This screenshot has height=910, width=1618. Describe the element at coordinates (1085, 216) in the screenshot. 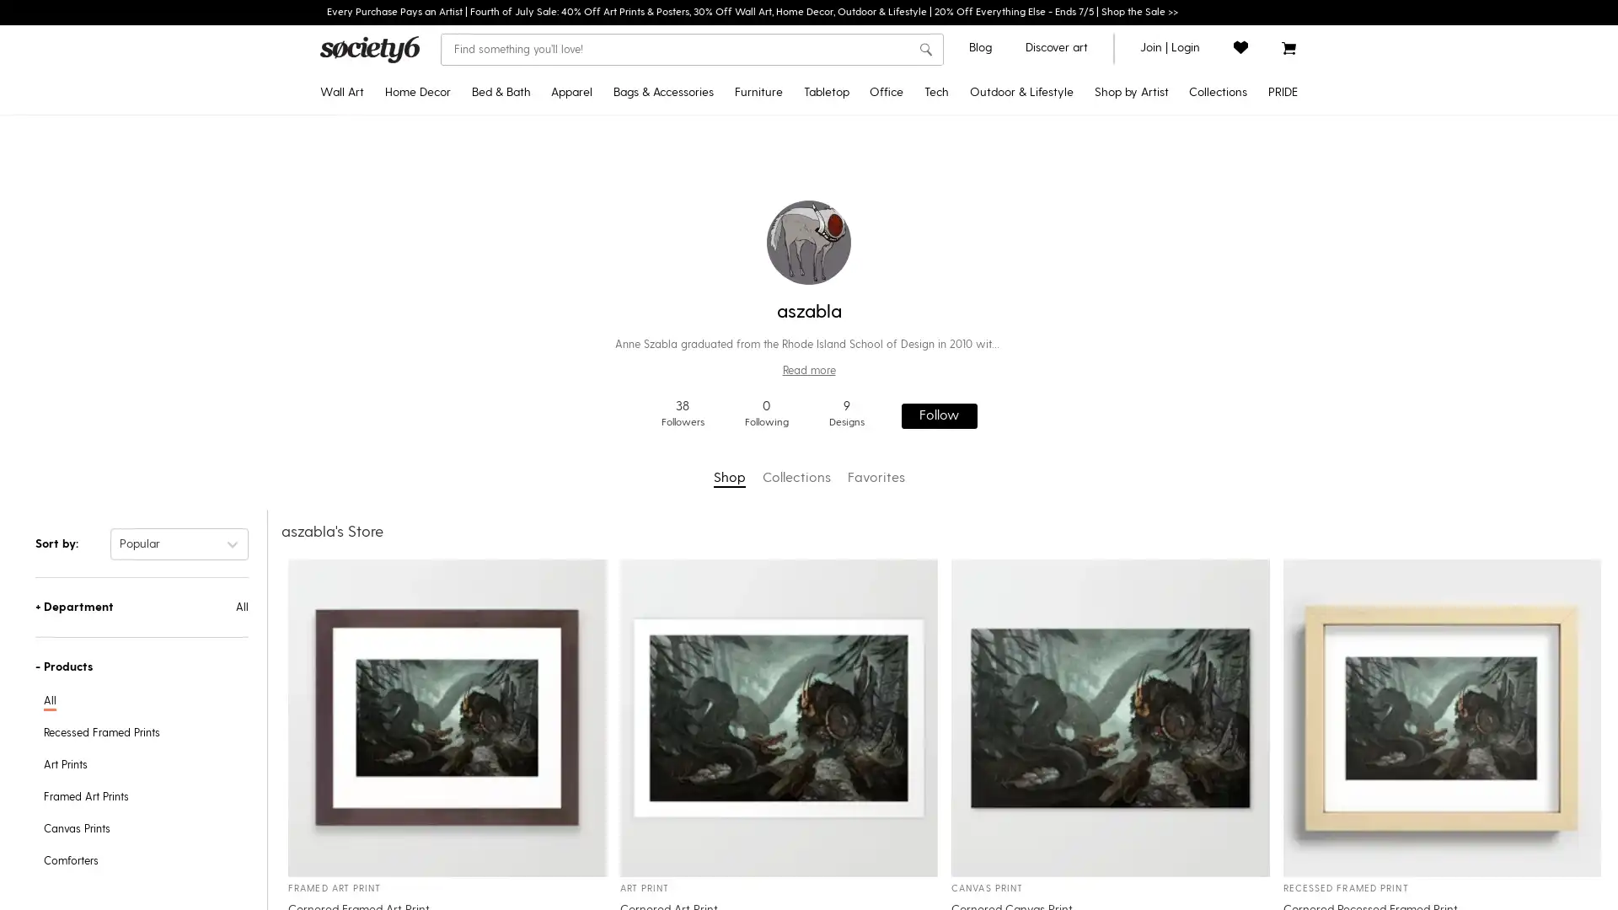

I see `Discover Black Artists` at that location.